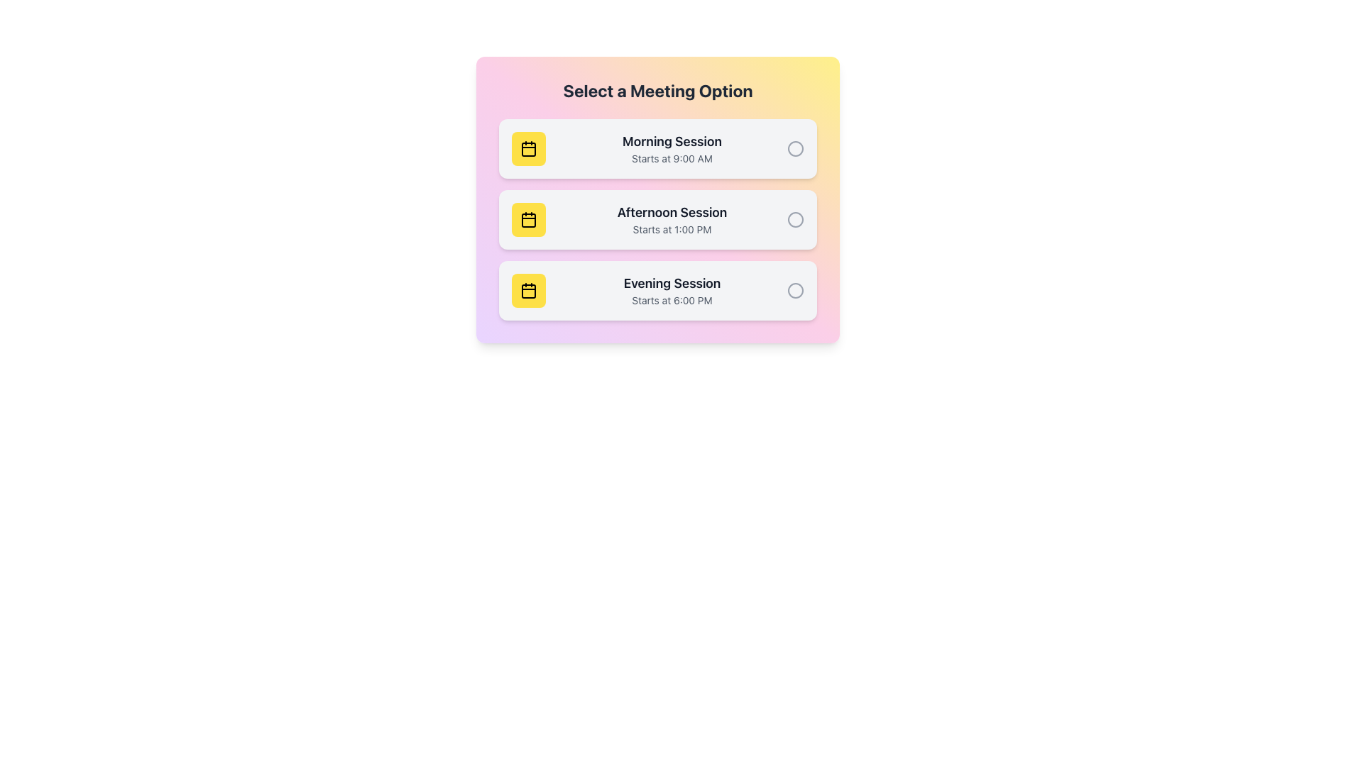 The width and height of the screenshot is (1363, 766). I want to click on 'Morning Session' text label, which is positioned centrally above the caption 'Starts at 9:00 AM' in the user interface, so click(671, 142).